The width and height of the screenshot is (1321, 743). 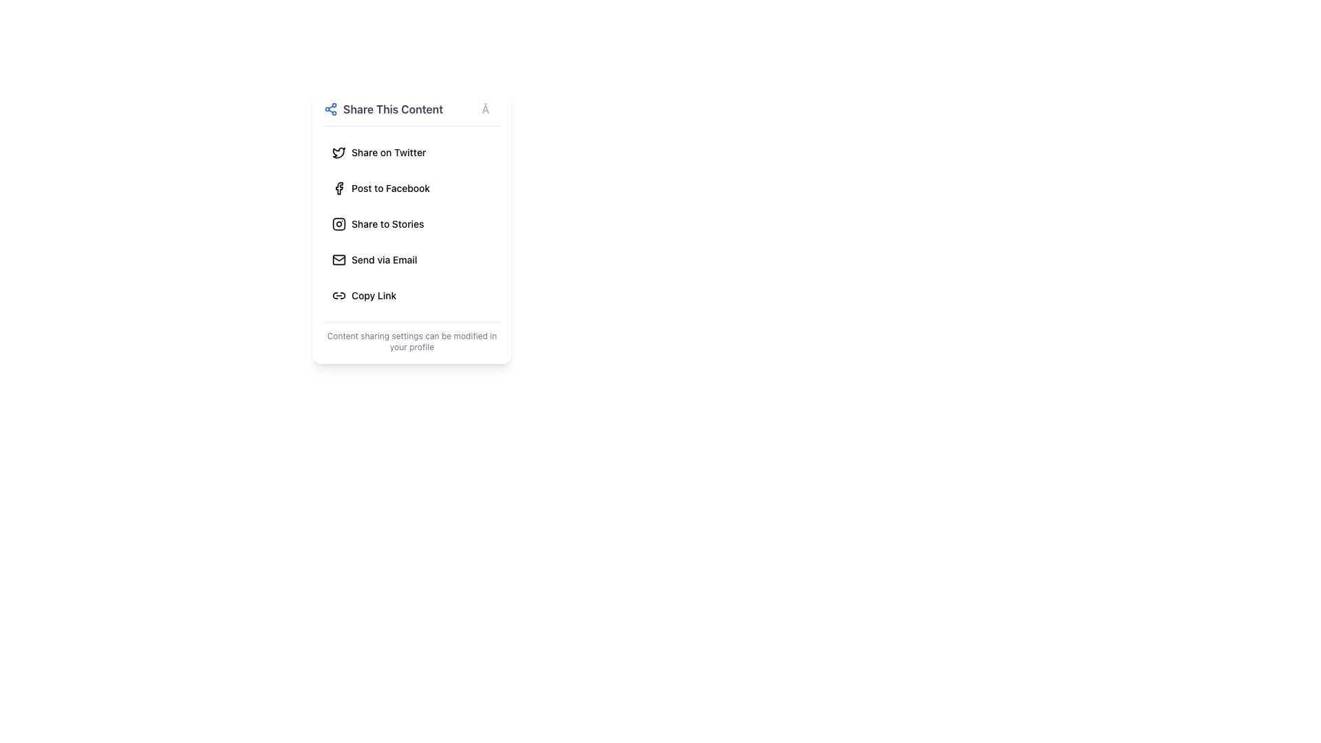 I want to click on the Twitter icon, which resembles a stylized bird in flight, located to the left of the 'Share on Twitter' text in the share menu interface, so click(x=339, y=153).